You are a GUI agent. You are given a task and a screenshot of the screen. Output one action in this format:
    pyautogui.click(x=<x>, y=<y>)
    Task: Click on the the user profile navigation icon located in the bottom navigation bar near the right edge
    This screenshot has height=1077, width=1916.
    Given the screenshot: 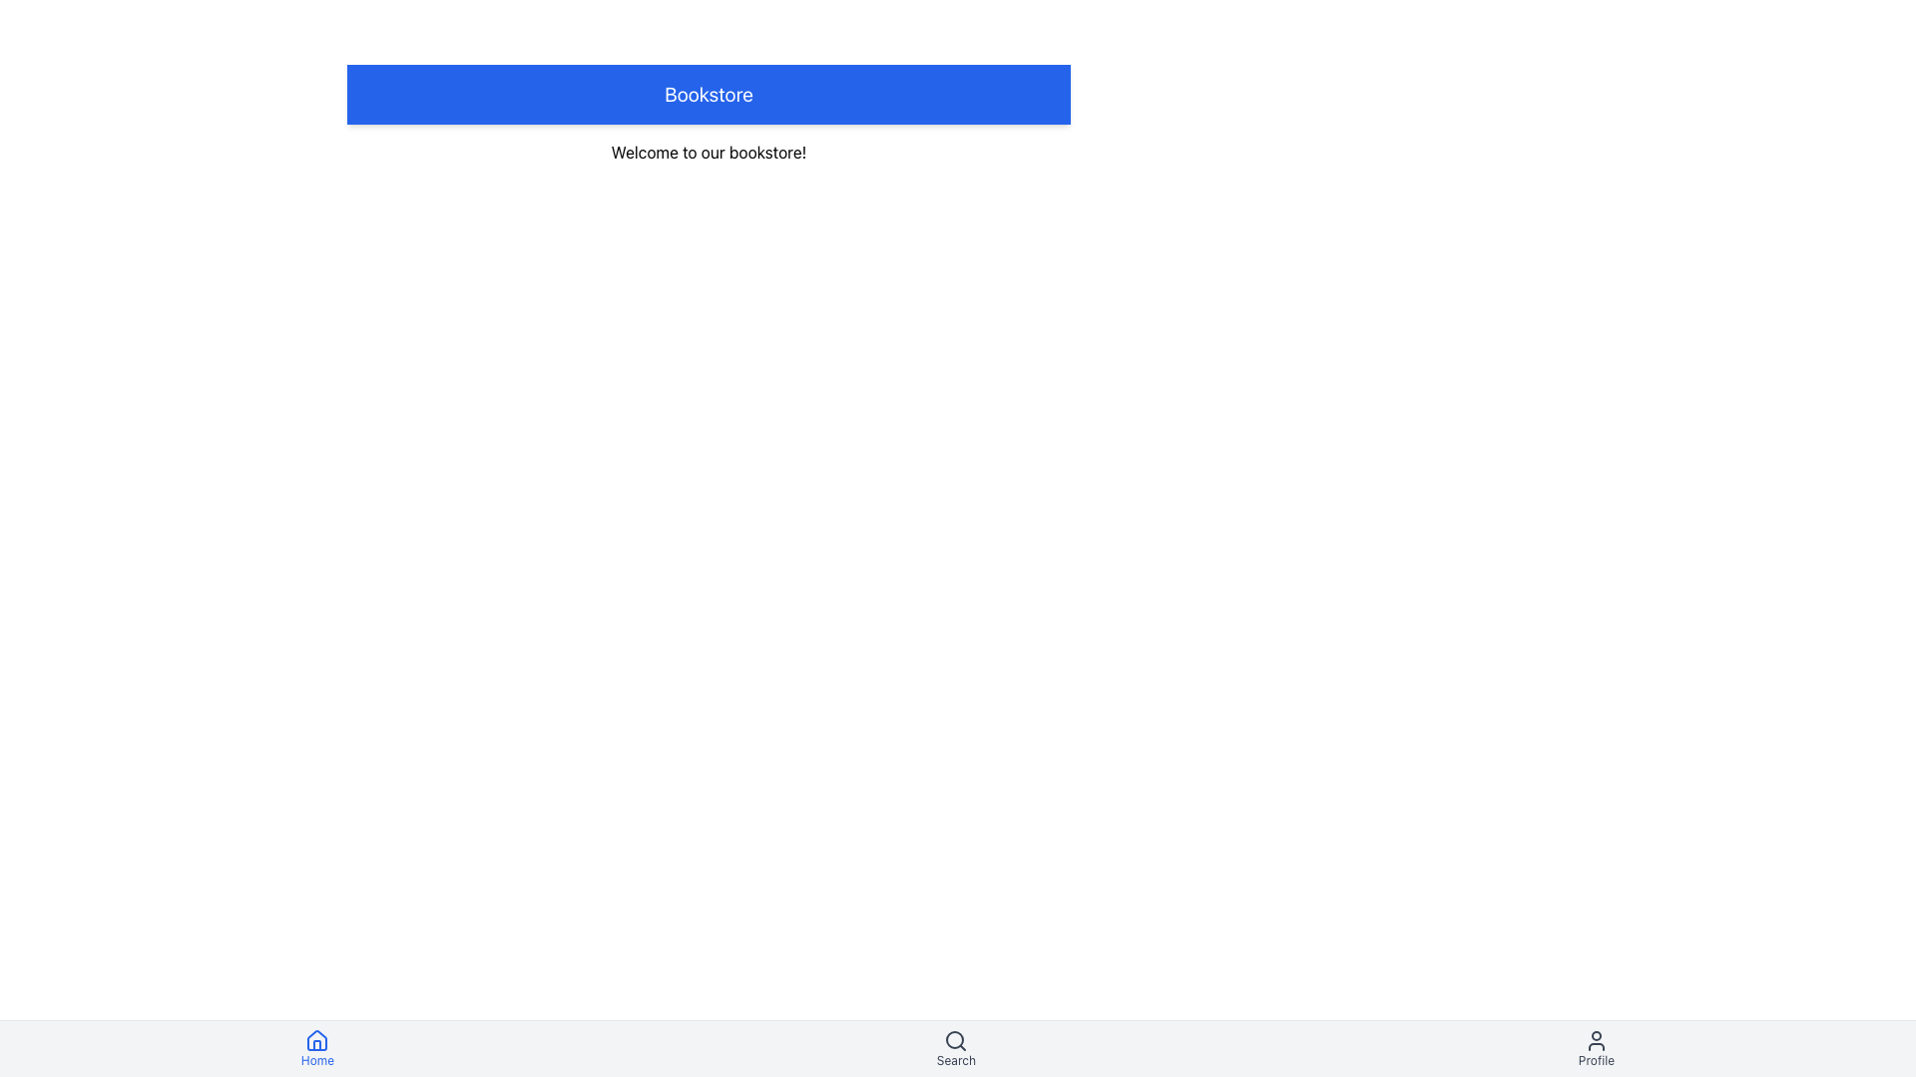 What is the action you would take?
    pyautogui.click(x=1595, y=1040)
    